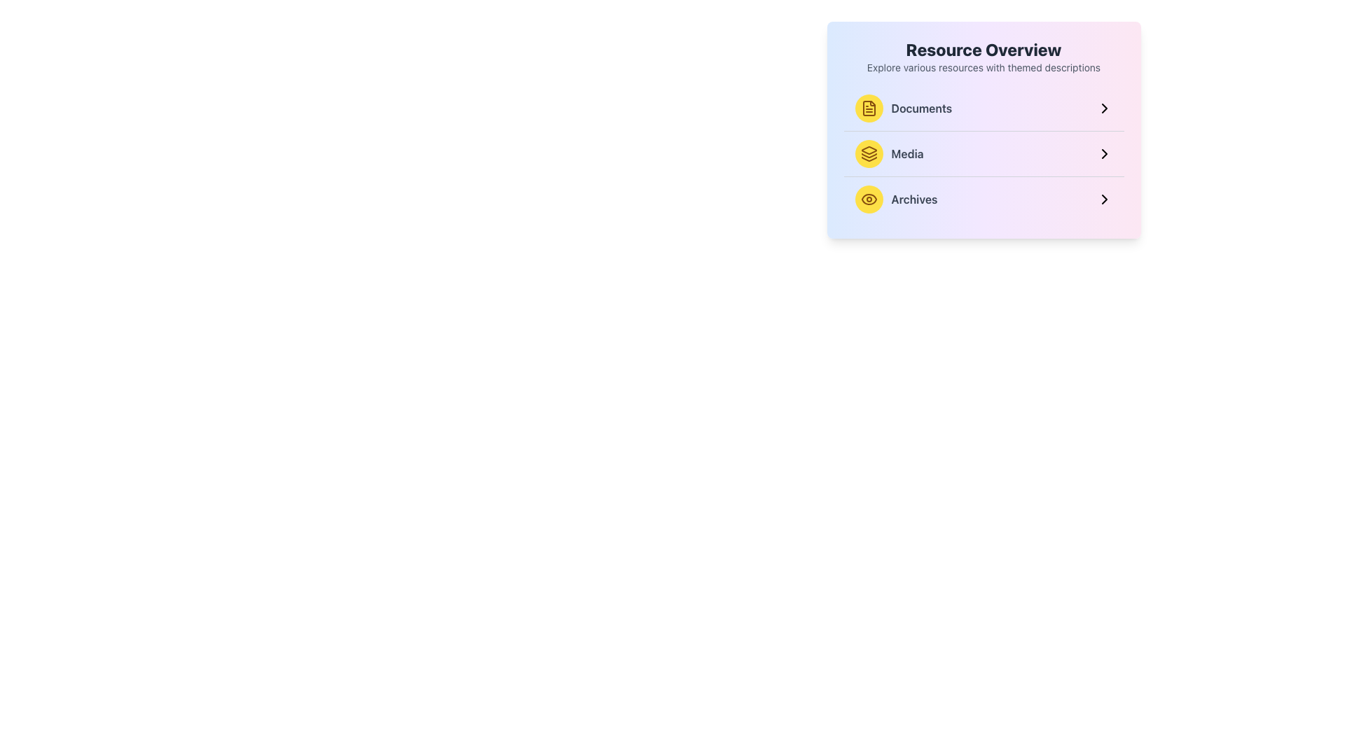 The image size is (1345, 756). What do you see at coordinates (903, 107) in the screenshot?
I see `the 'Documents' menu item, which is the first entry in the list under 'Resource Overview'` at bounding box center [903, 107].